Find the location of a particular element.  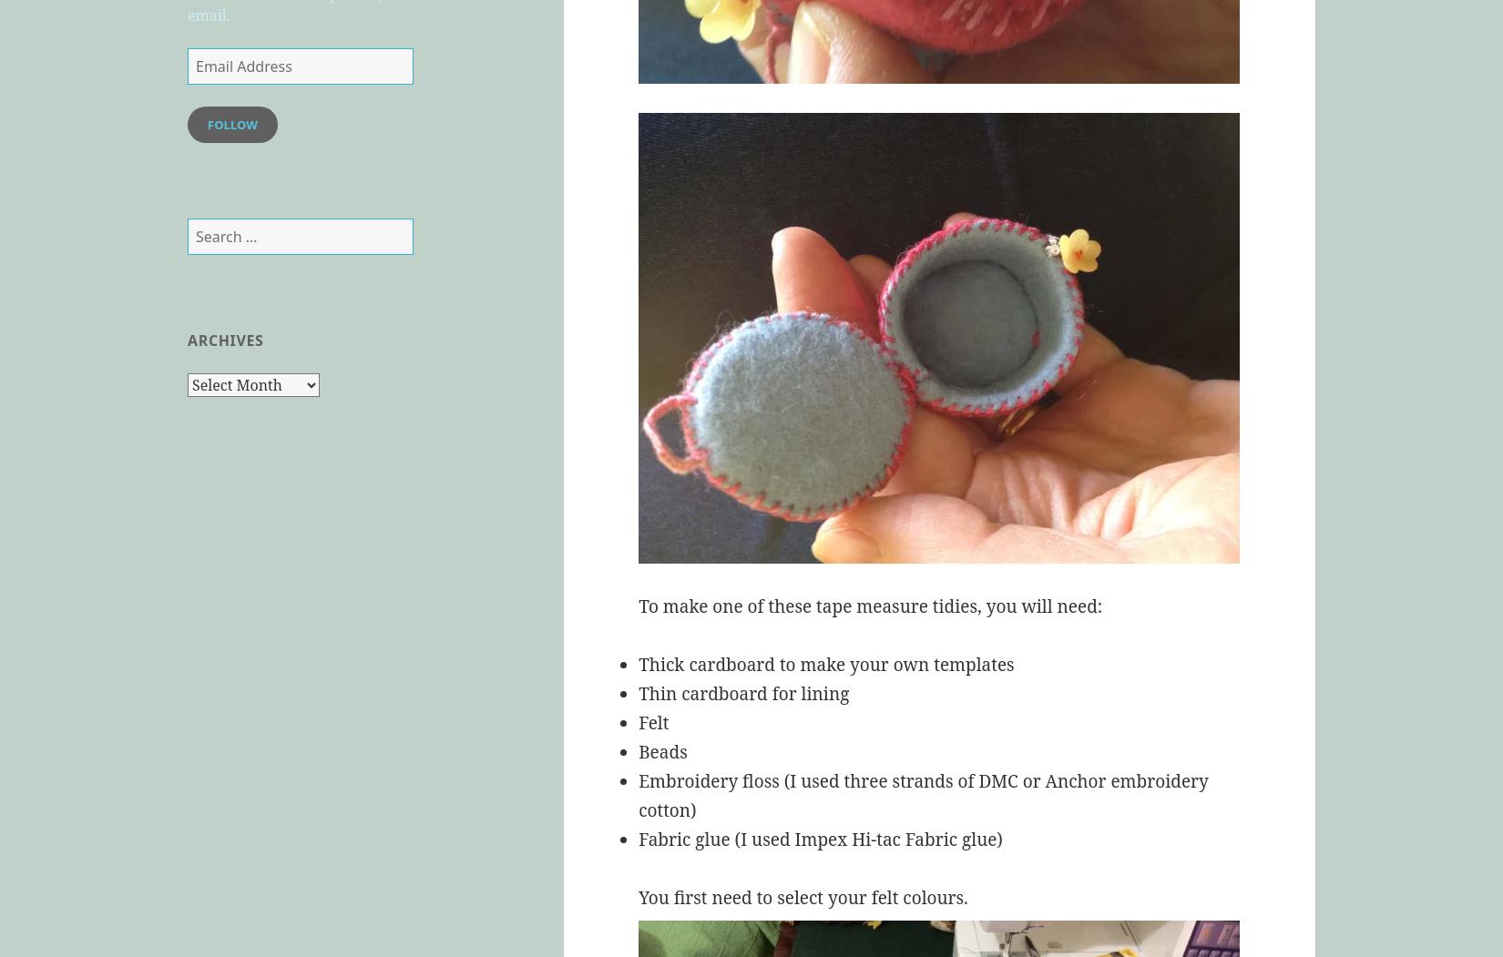

'Follow' is located at coordinates (231, 124).